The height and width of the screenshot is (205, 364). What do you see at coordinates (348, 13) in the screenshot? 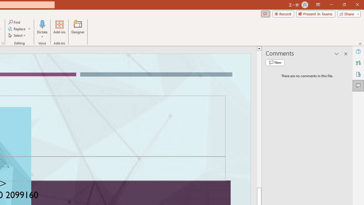
I see `'Share'` at bounding box center [348, 13].